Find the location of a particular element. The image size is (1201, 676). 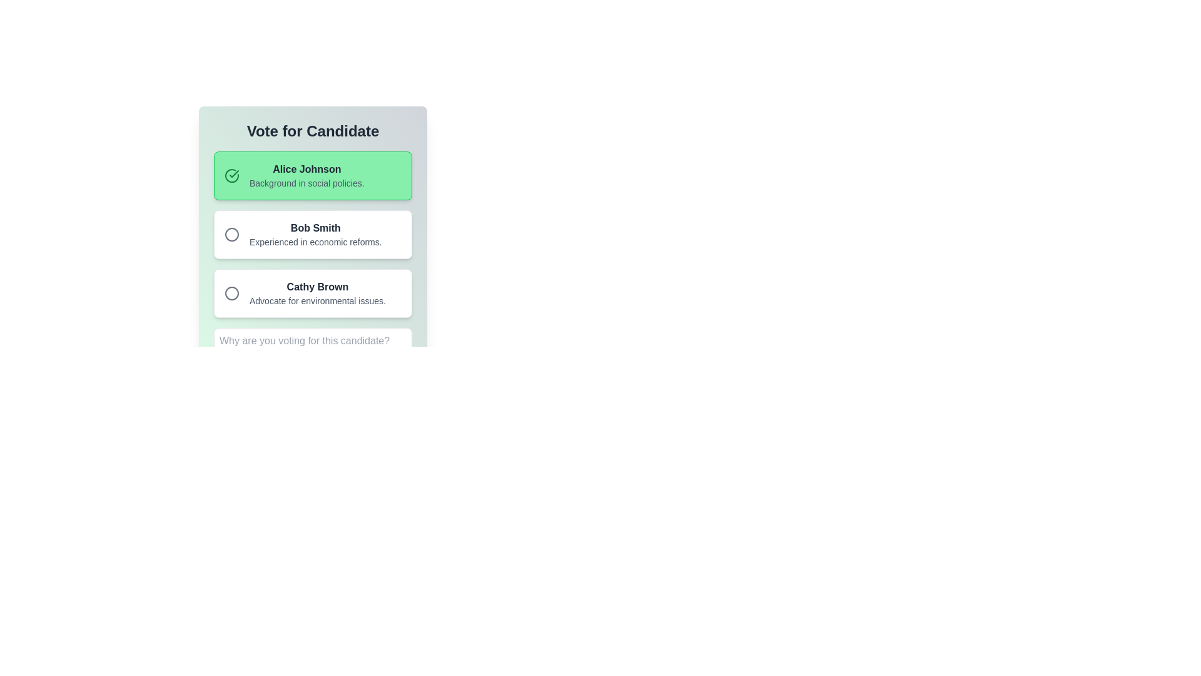

the text label that reads 'Advocate for environmental issues,' which is styled in gray and positioned as a subheading beneath the name 'Cathy Brown' in the candidate selection interface is located at coordinates (318, 301).